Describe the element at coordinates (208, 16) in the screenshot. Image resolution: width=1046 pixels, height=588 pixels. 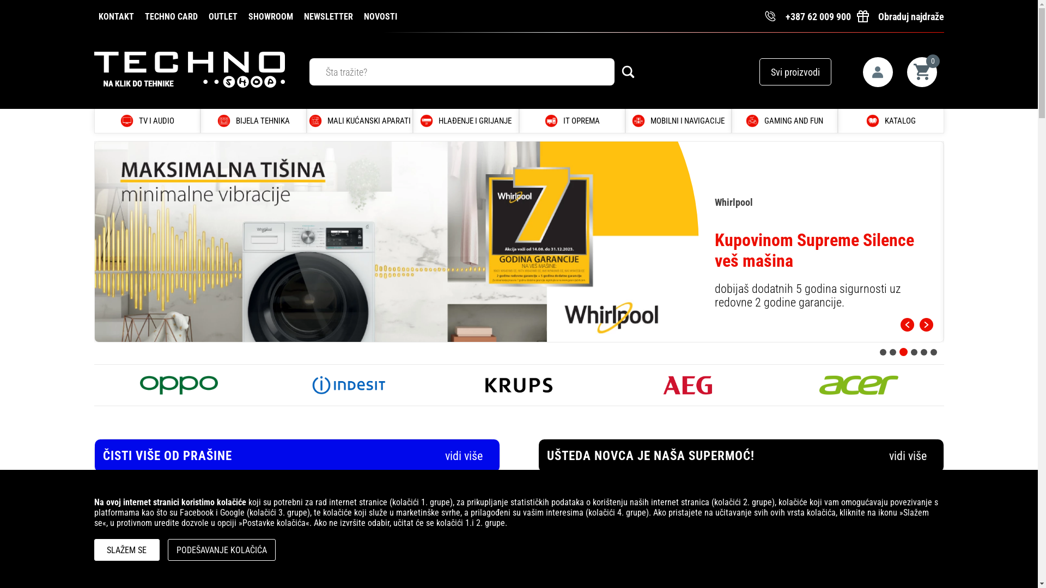
I see `'OUTLET'` at that location.